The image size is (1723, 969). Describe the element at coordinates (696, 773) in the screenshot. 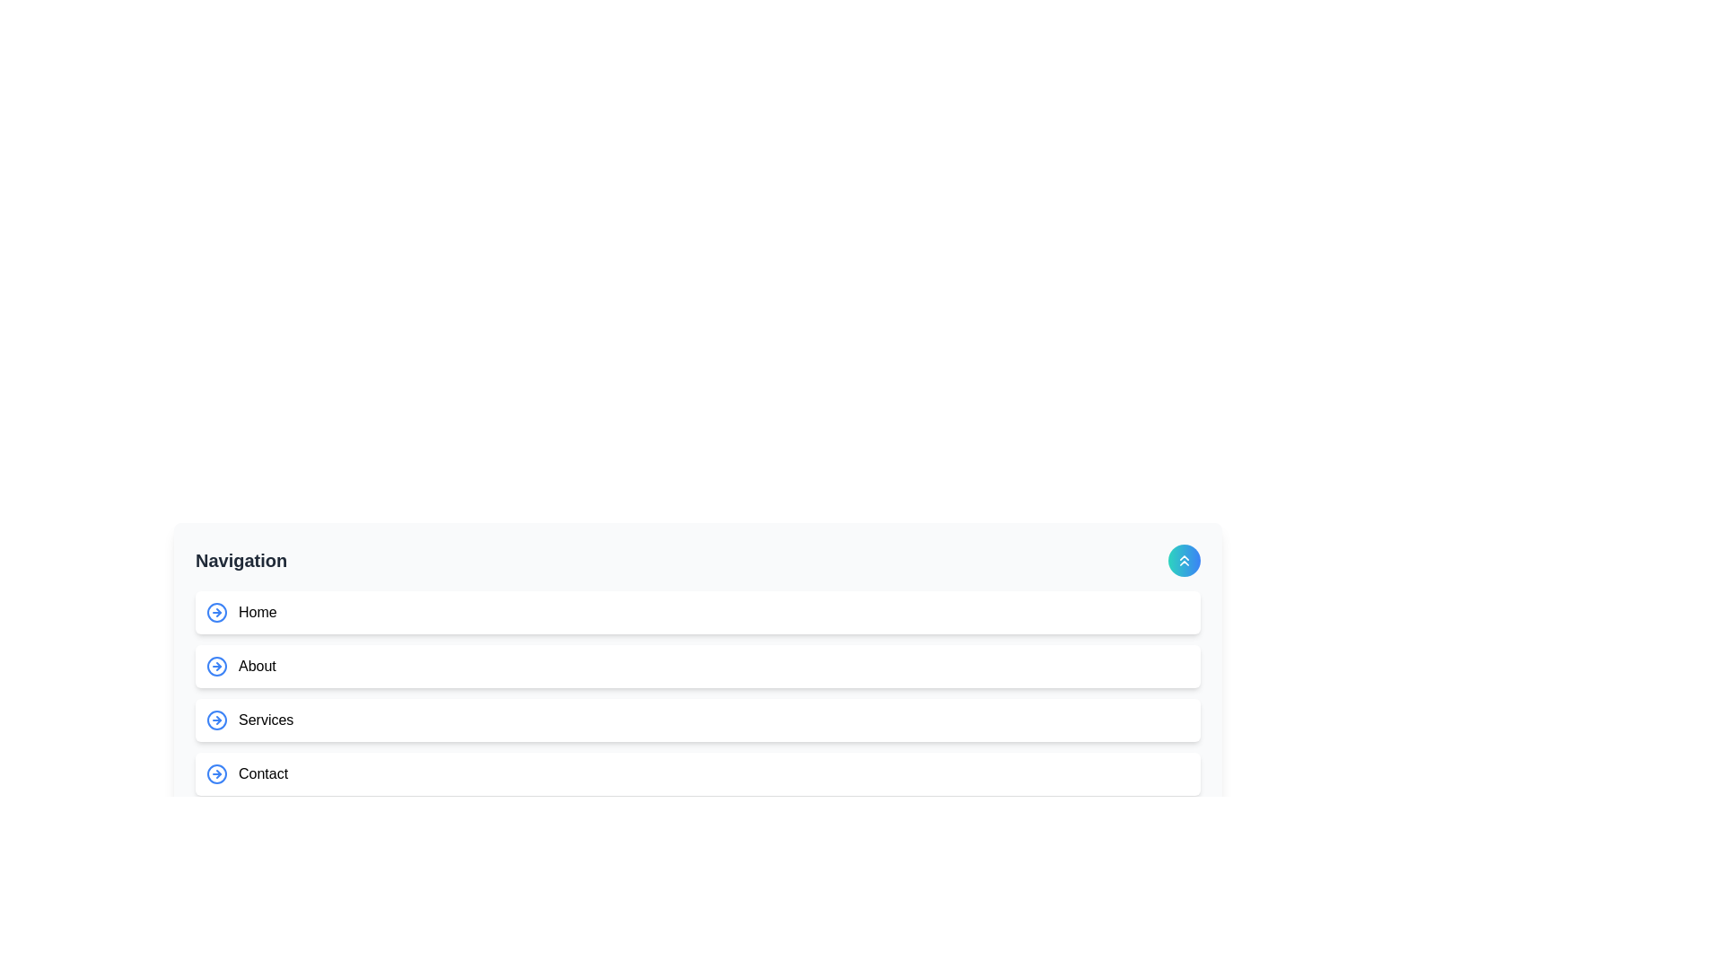

I see `the 'Contact' button located at the bottom of the vertical navigation menu` at that location.